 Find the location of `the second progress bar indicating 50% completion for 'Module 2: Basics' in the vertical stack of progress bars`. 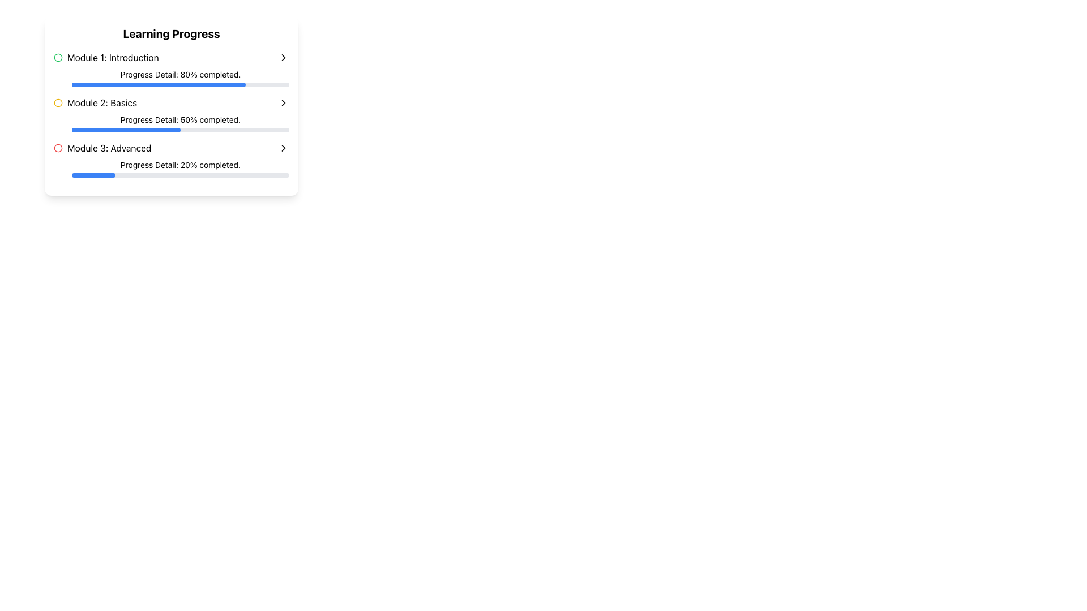

the second progress bar indicating 50% completion for 'Module 2: Basics' in the vertical stack of progress bars is located at coordinates (126, 130).